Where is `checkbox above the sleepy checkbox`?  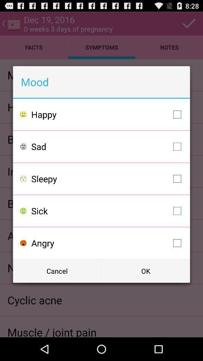
checkbox above the sleepy checkbox is located at coordinates (108, 146).